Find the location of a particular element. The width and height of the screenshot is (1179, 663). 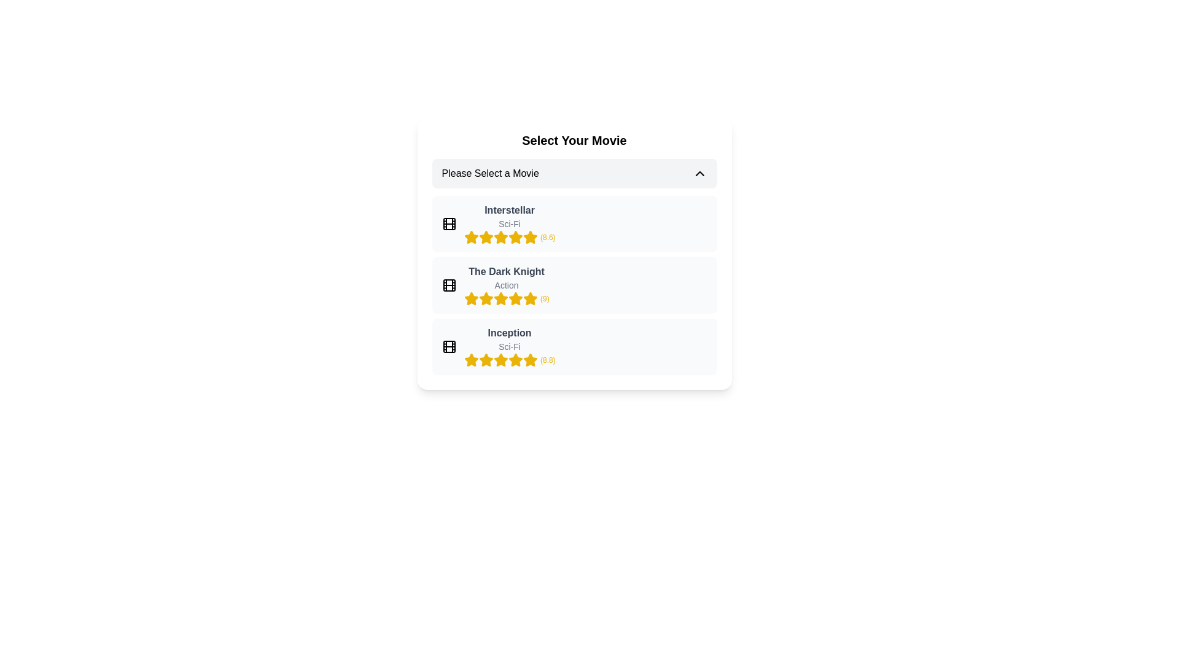

the first star icon in the five-star rating system for 'The Dark Knight' is located at coordinates (470, 298).